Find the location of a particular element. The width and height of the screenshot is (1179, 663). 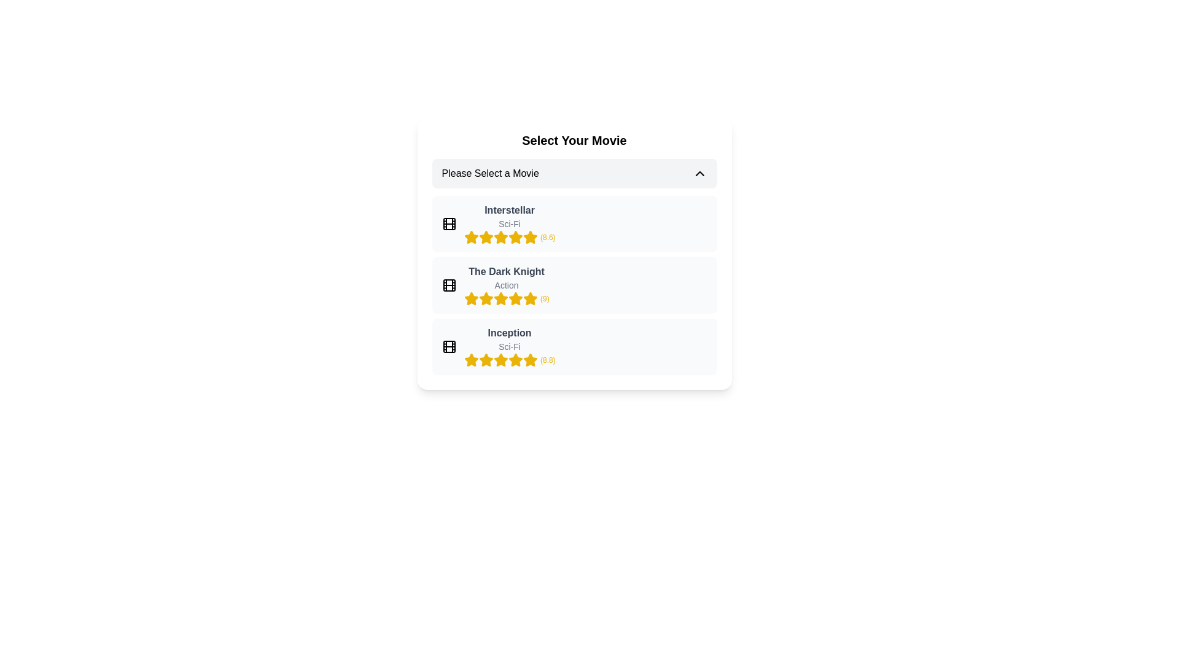

the first star icon in the five-star rating system for 'The Dark Knight' is located at coordinates (470, 298).